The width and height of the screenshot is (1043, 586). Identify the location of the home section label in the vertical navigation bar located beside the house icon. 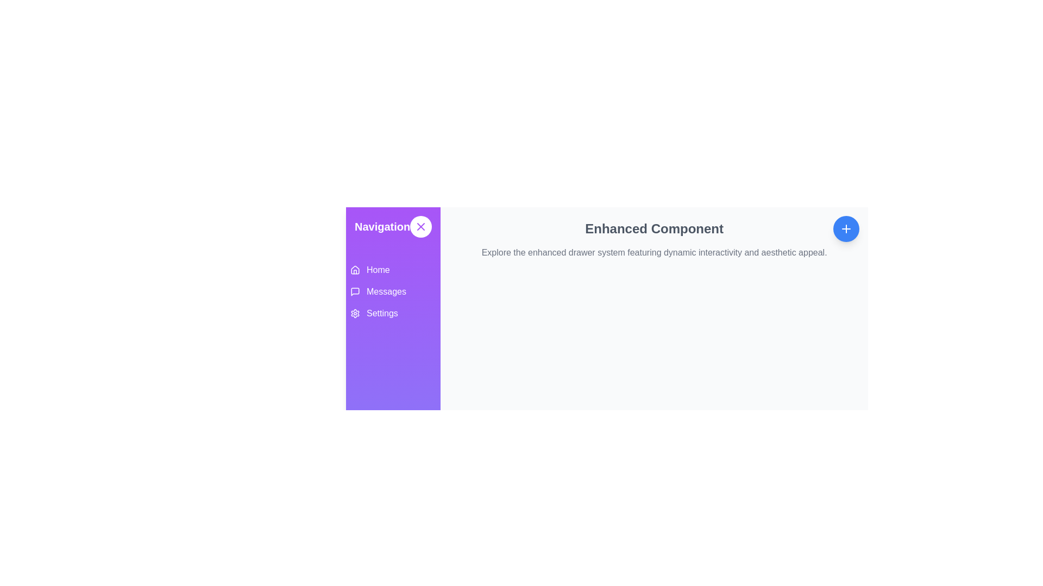
(378, 269).